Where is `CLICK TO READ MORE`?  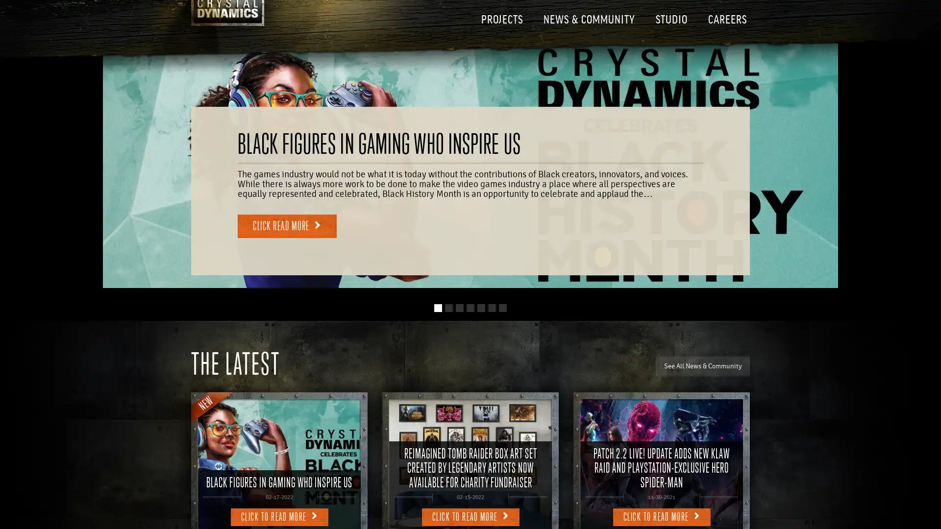 CLICK TO READ MORE is located at coordinates (278, 516).